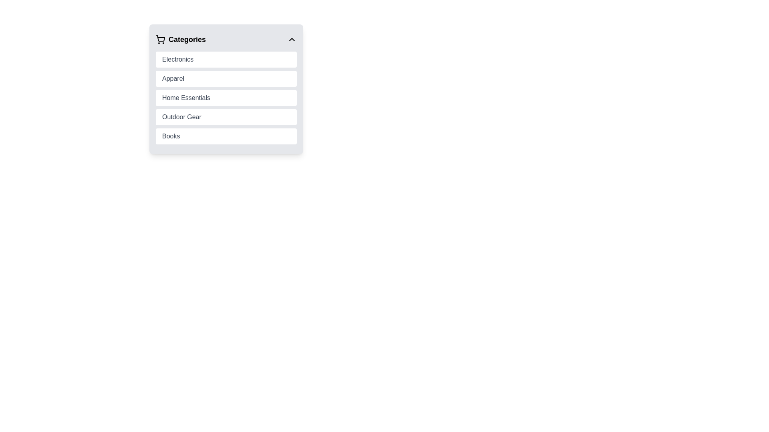  Describe the element at coordinates (226, 98) in the screenshot. I see `the 'Home Essentials' button, which is the third item in the vertical list of buttons under the 'Categories' section, positioned below the 'Apparel' button and above the 'Outdoor Gear' button` at that location.